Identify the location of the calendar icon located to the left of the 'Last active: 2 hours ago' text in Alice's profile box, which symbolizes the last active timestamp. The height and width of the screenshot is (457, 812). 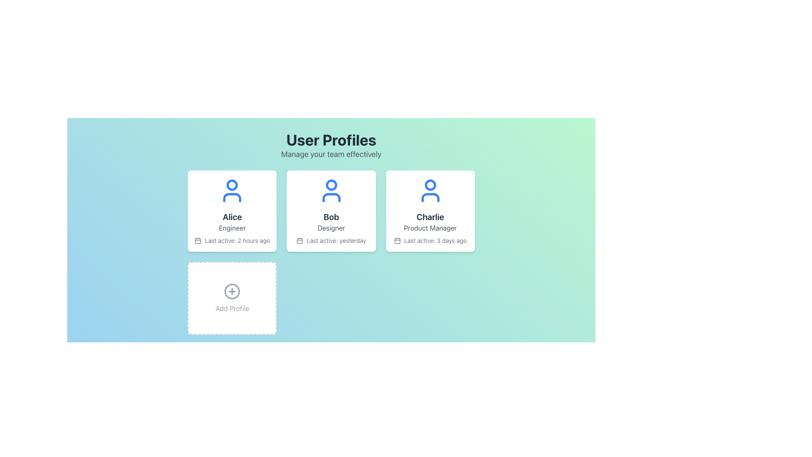
(197, 241).